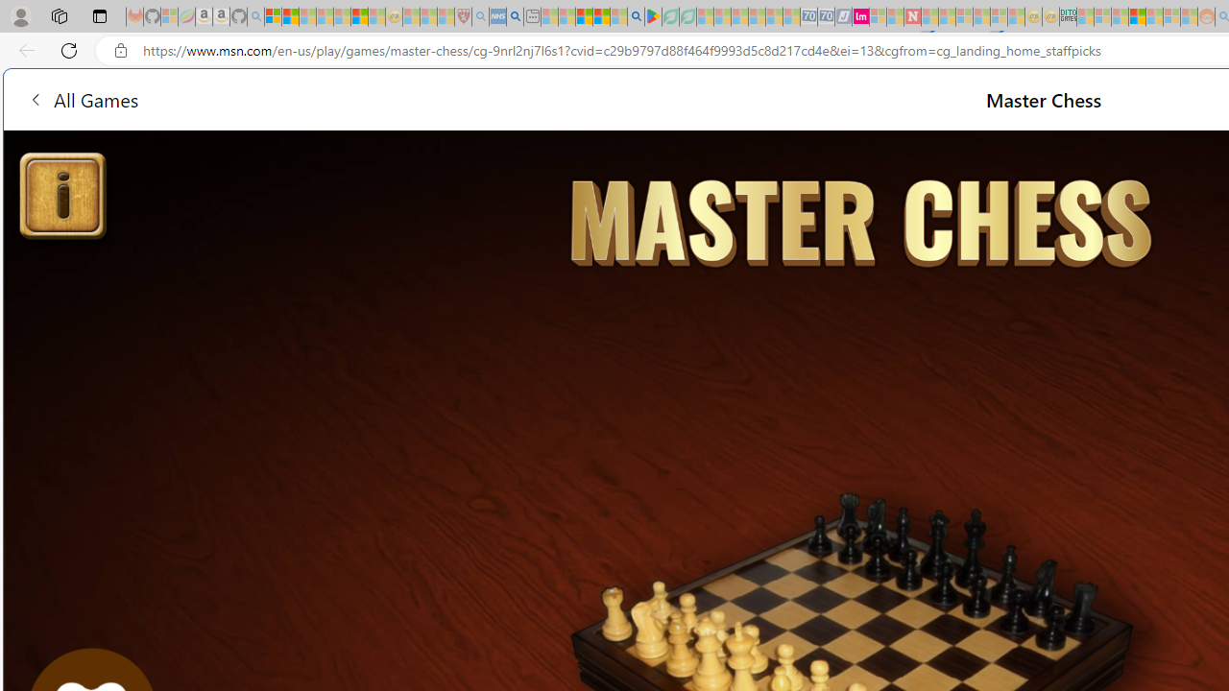 This screenshot has height=691, width=1229. Describe the element at coordinates (670, 16) in the screenshot. I see `'Terms of Use Agreement - Sleeping'` at that location.